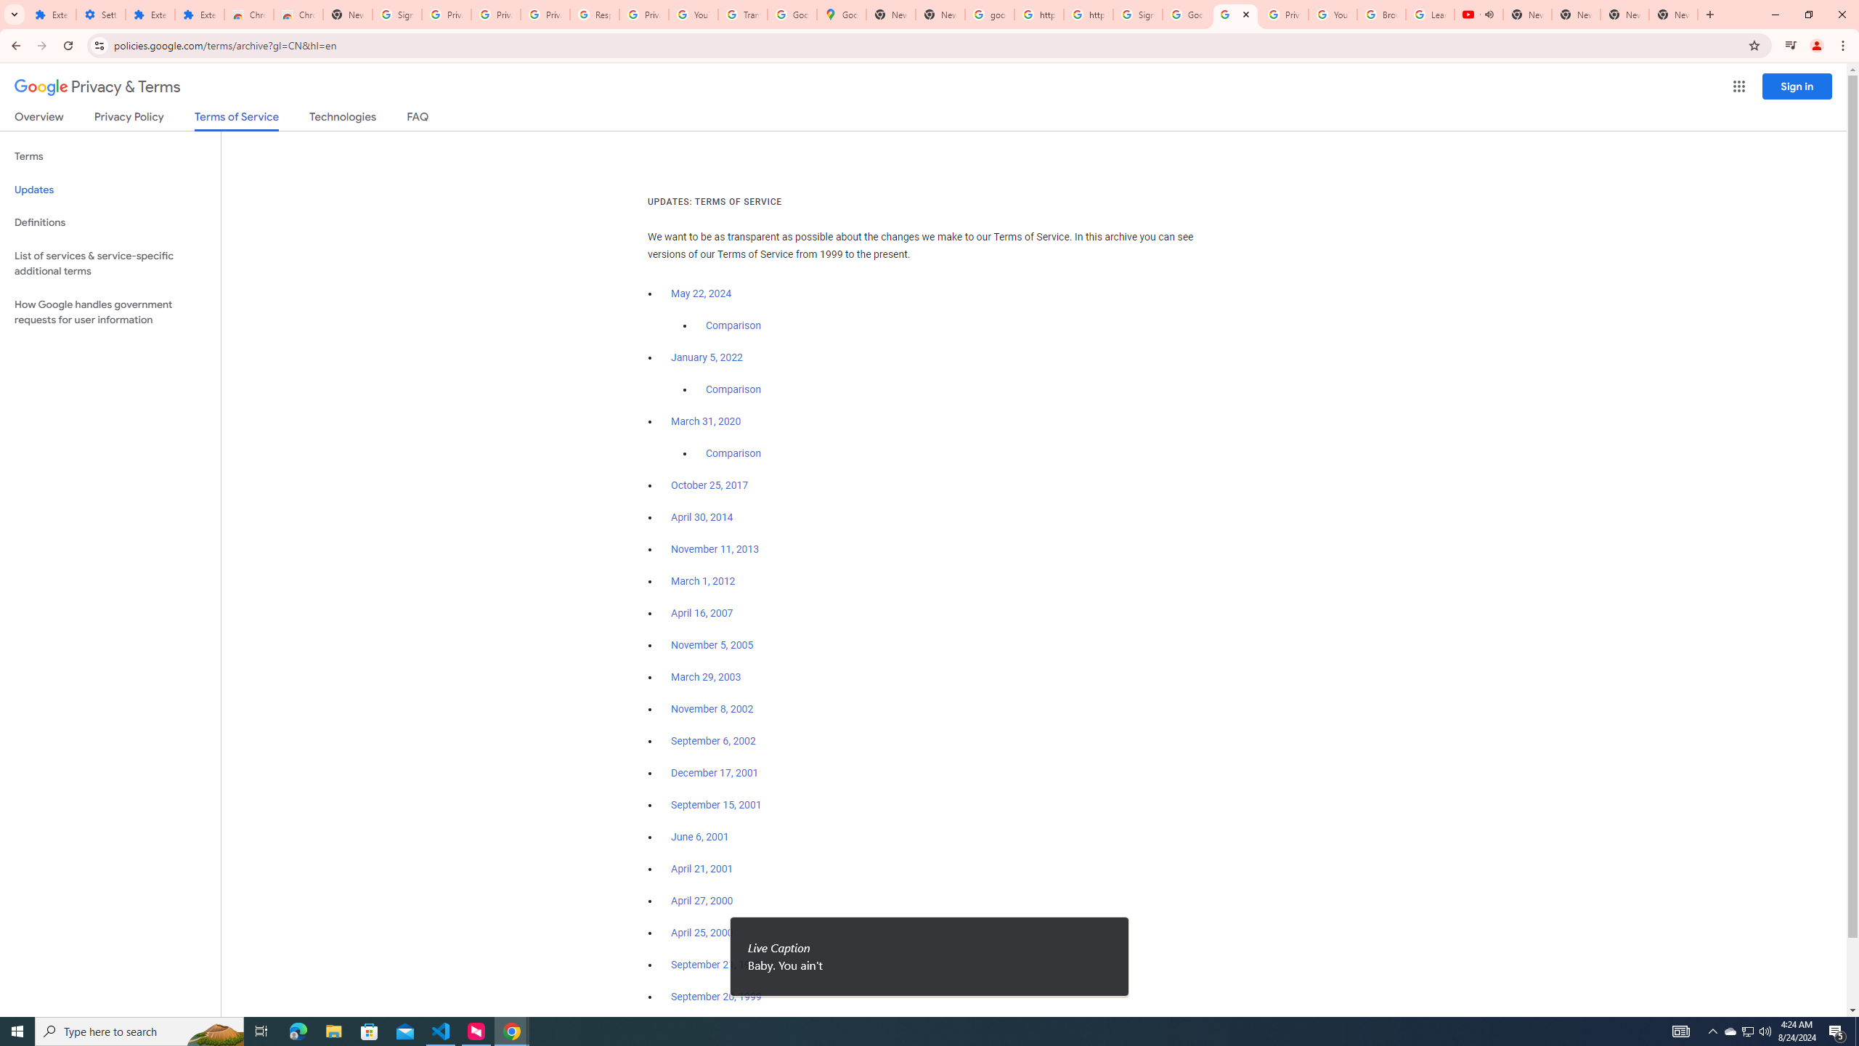 This screenshot has height=1046, width=1859. What do you see at coordinates (705, 422) in the screenshot?
I see `'March 31, 2020'` at bounding box center [705, 422].